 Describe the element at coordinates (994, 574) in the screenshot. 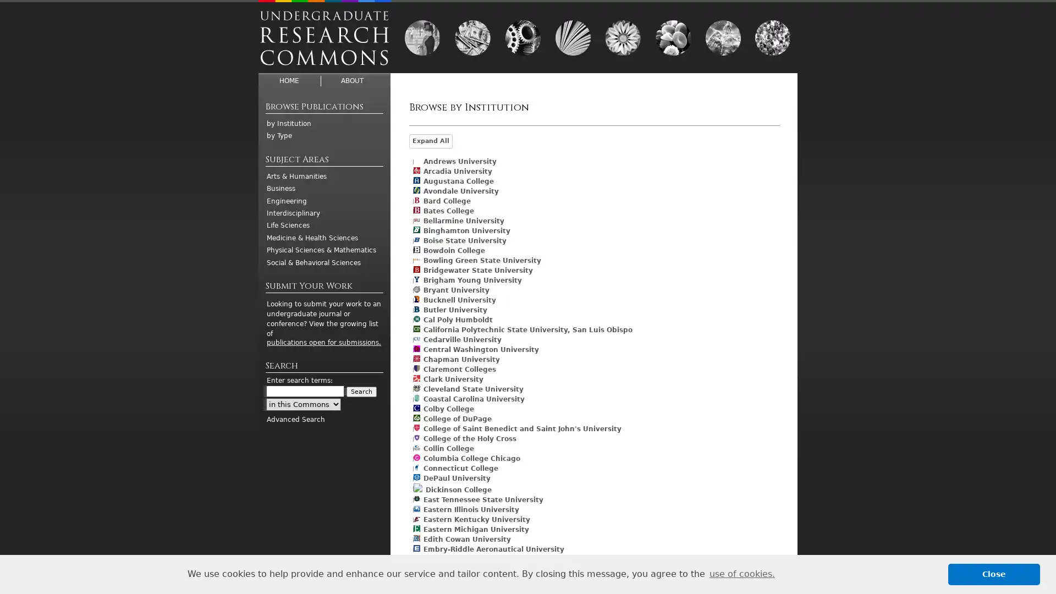

I see `dismiss cookie message` at that location.